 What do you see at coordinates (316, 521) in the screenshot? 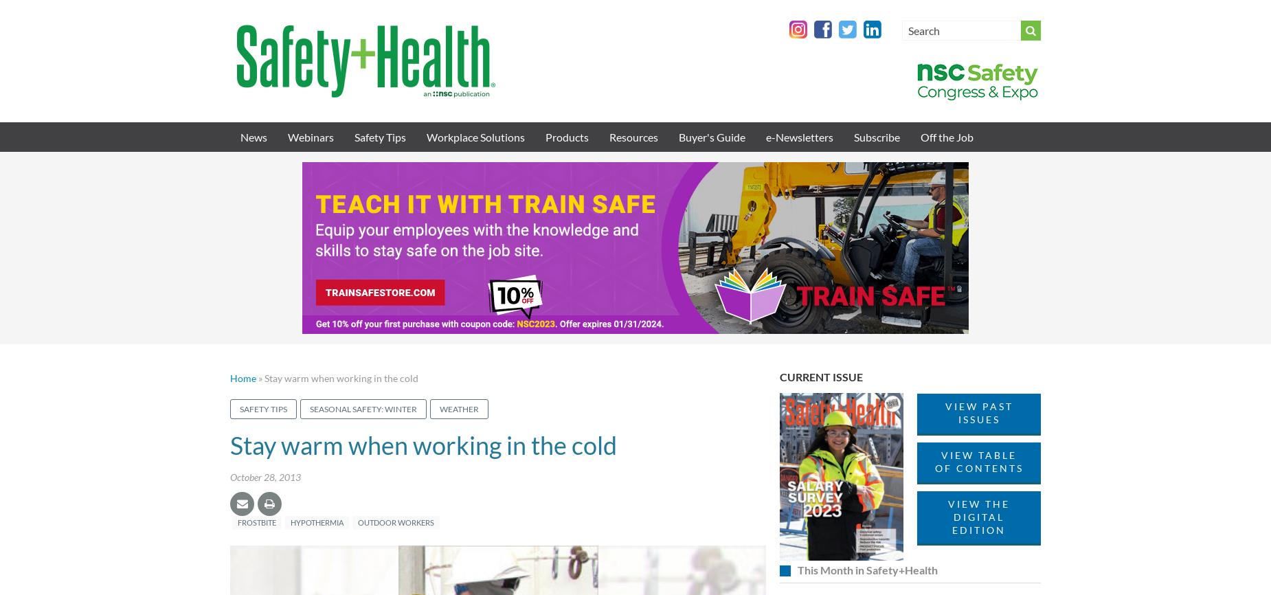
I see `'Hypothermia'` at bounding box center [316, 521].